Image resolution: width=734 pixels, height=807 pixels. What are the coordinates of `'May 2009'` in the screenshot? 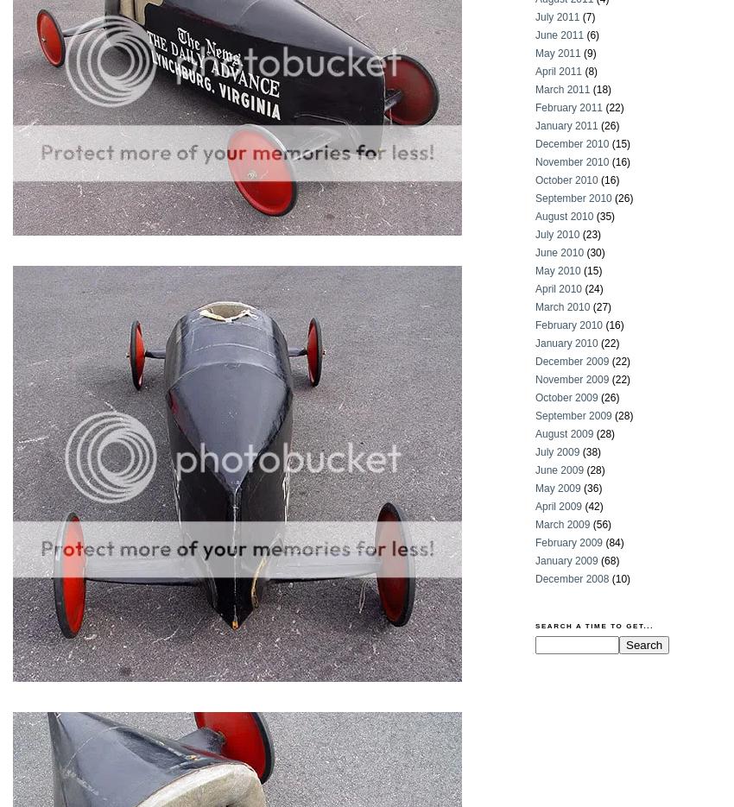 It's located at (558, 488).